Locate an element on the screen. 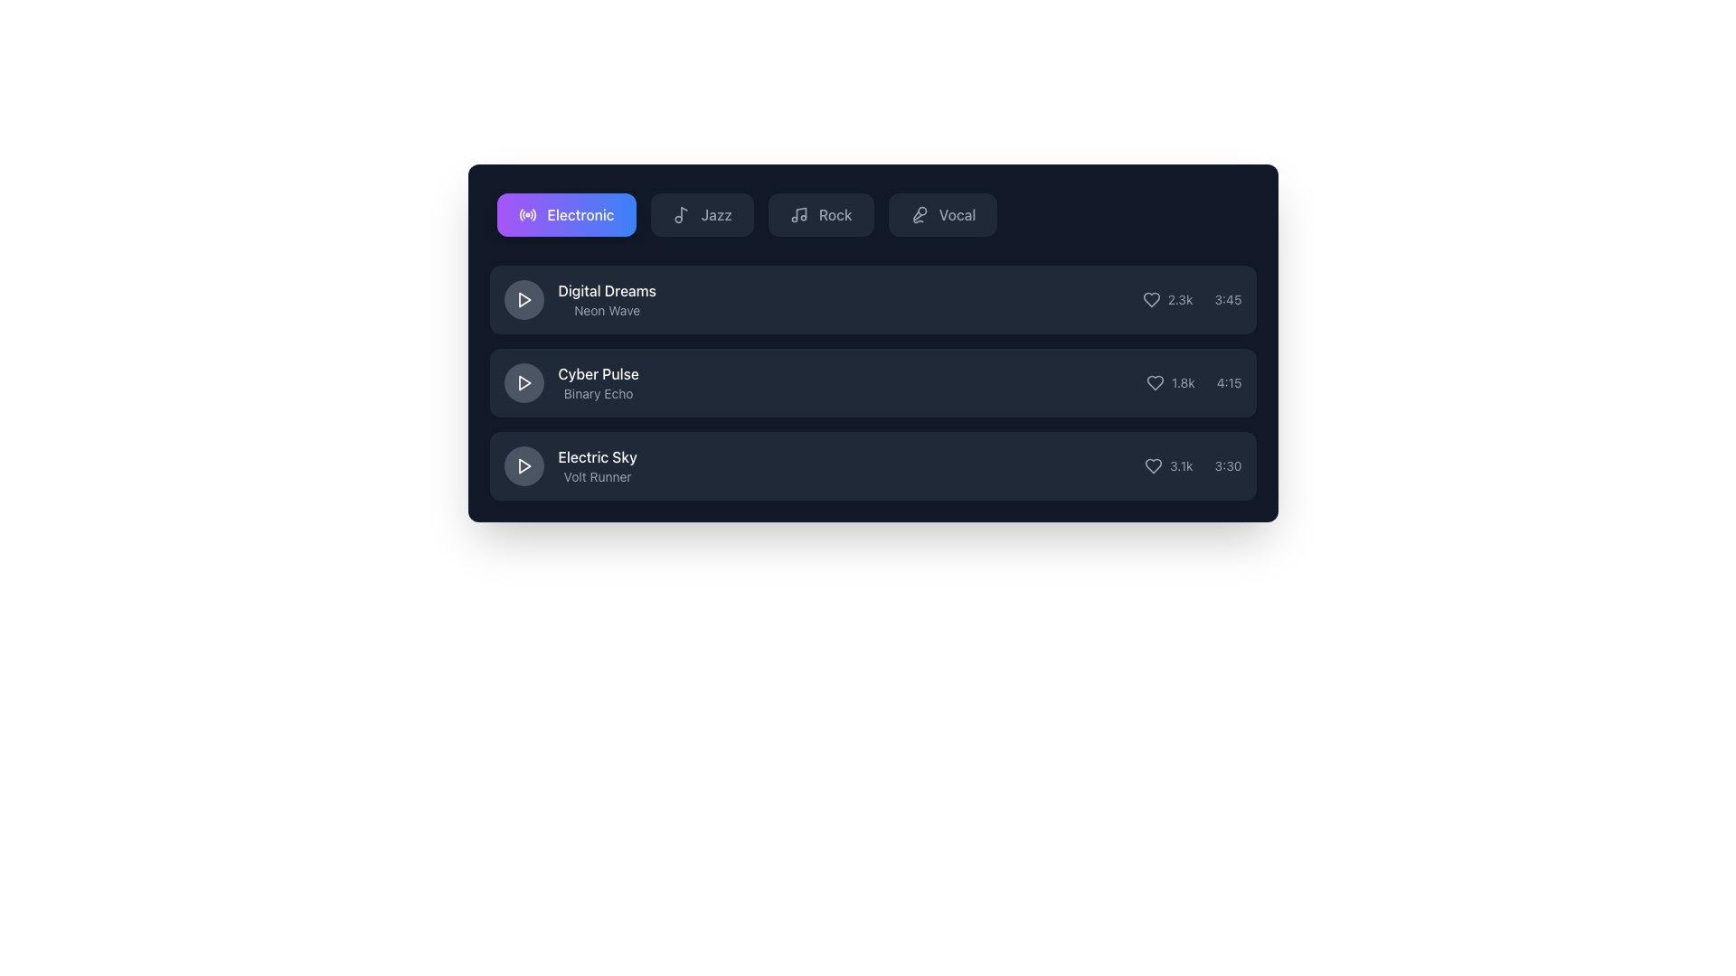  text label indicating the 'Jazz' genre for music selection, positioned to the right of a musical notes icon within the genre buttons interface is located at coordinates (715, 214).